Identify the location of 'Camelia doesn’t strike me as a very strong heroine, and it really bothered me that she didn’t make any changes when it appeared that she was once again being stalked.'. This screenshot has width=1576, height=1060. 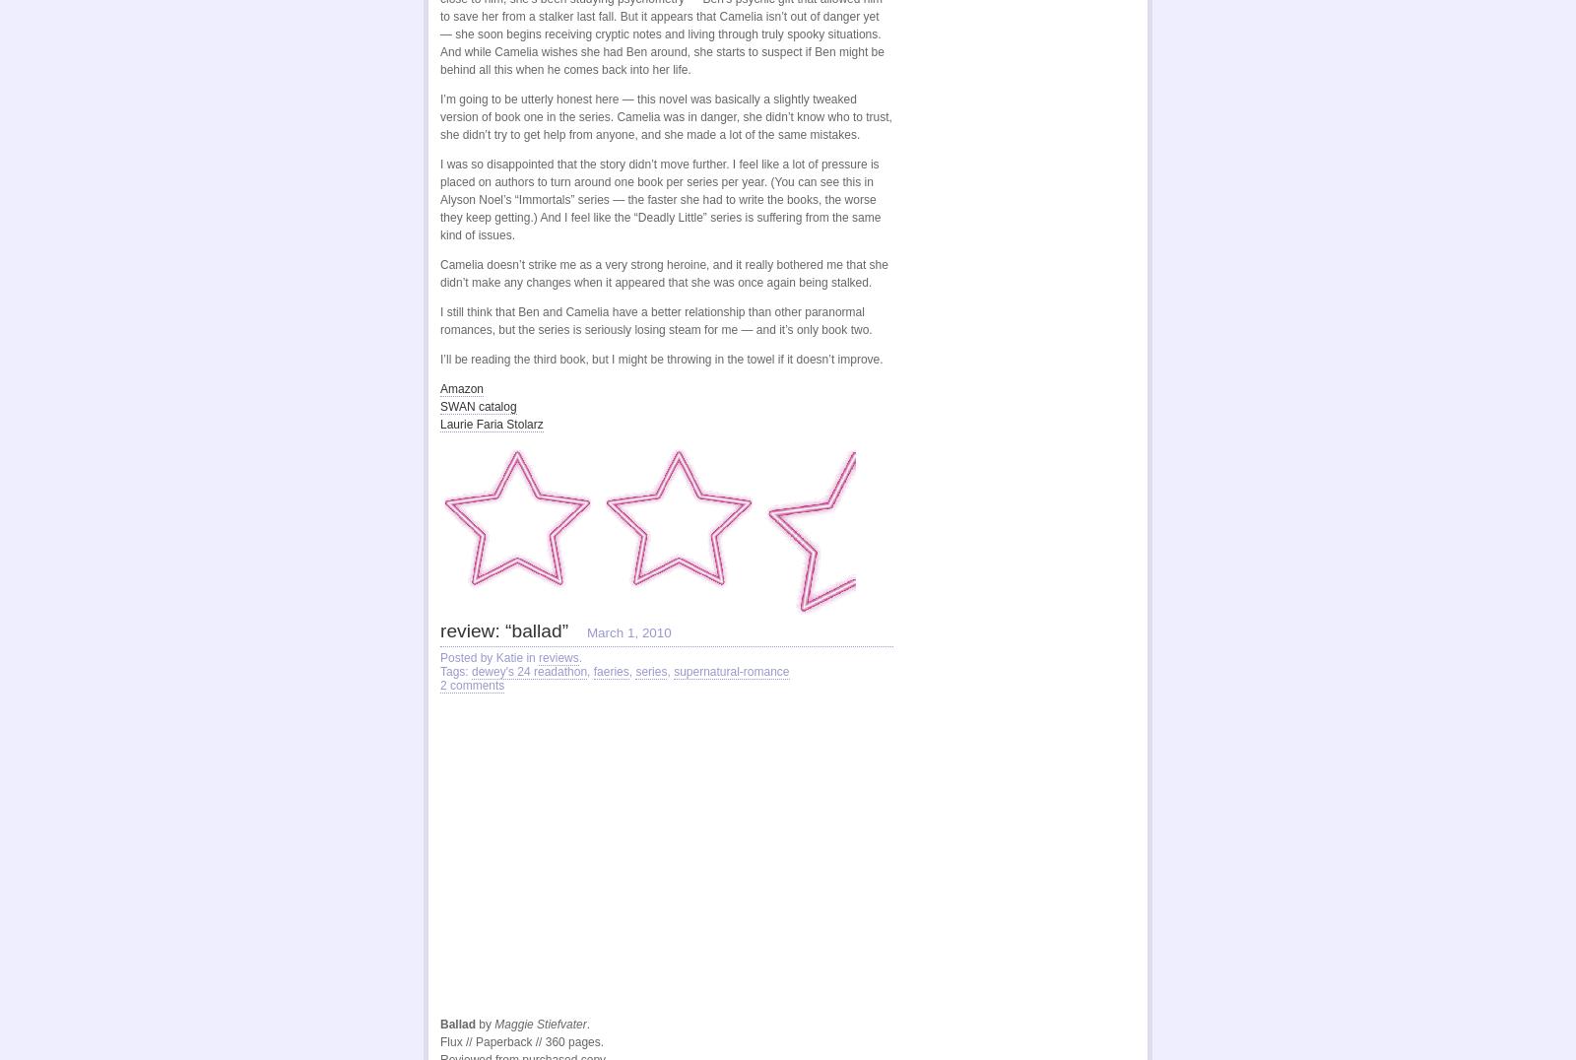
(664, 271).